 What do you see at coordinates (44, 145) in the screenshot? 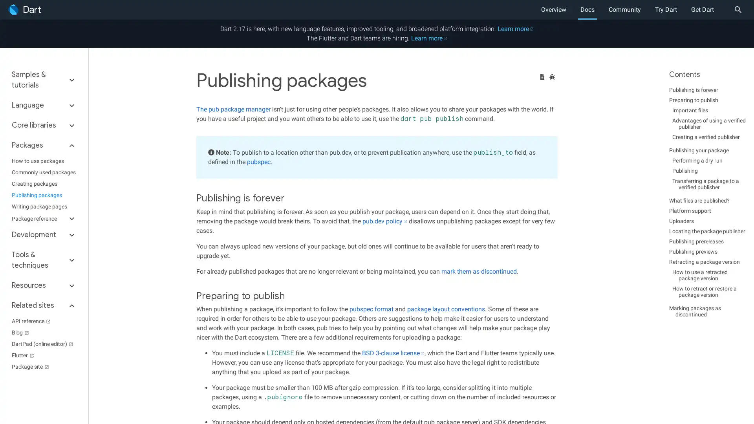
I see `Packages keyboard_arrow_down` at bounding box center [44, 145].